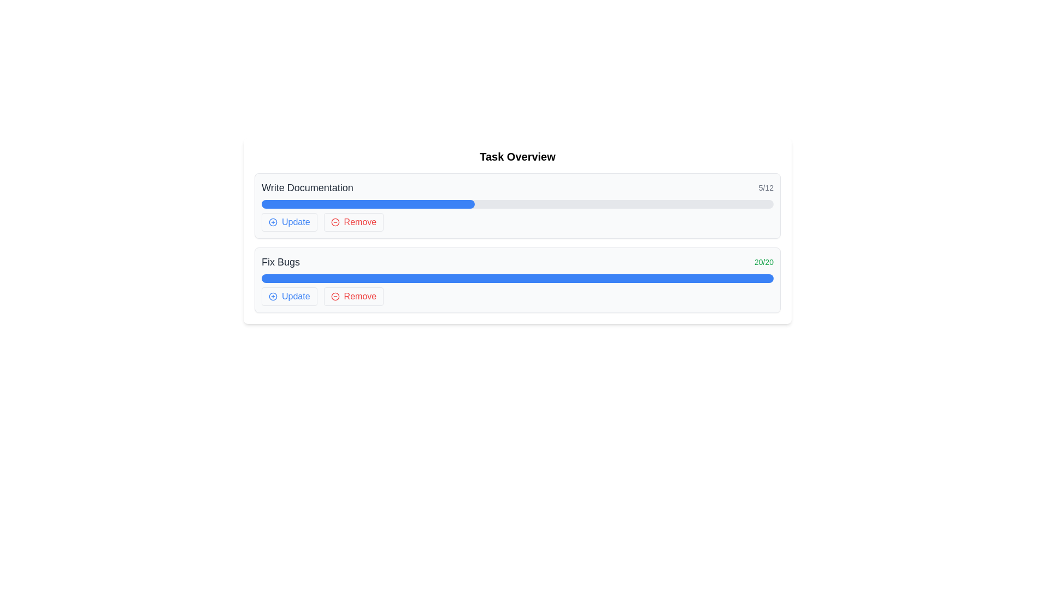 Image resolution: width=1049 pixels, height=590 pixels. What do you see at coordinates (353, 222) in the screenshot?
I see `the 'Remove' button with a rounded border, red text, and a red minus icon for accessibility purposes` at bounding box center [353, 222].